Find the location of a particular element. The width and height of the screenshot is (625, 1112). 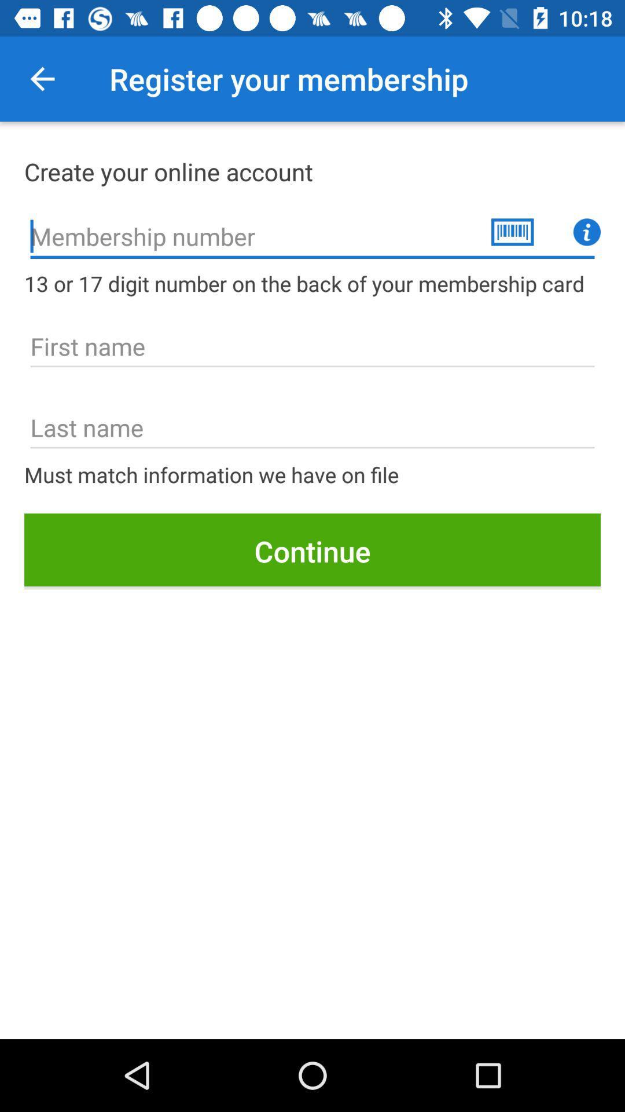

the info icon is located at coordinates (587, 232).